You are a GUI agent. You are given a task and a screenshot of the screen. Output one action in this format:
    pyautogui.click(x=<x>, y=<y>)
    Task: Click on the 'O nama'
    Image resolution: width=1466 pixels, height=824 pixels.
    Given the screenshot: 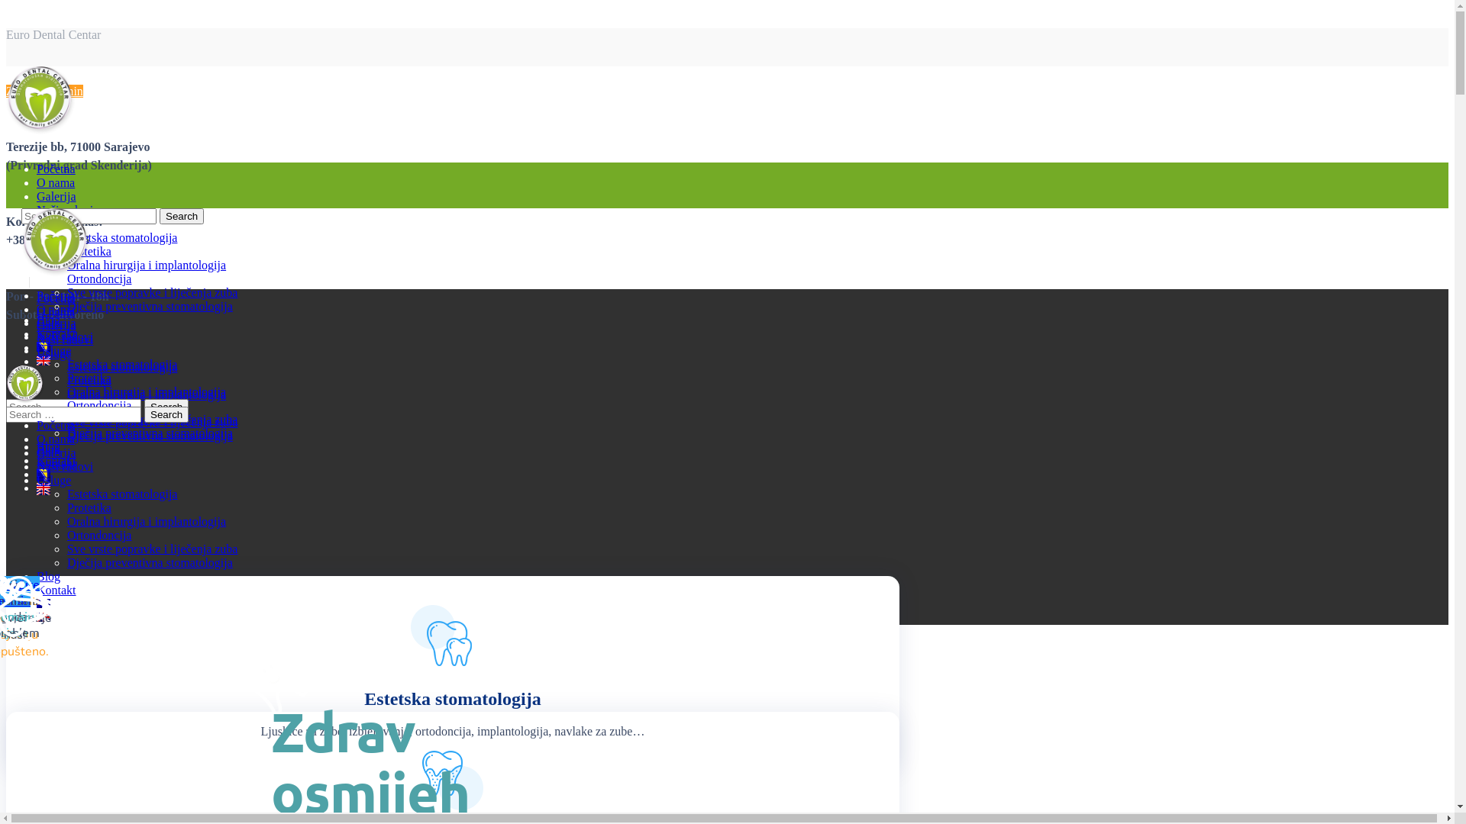 What is the action you would take?
    pyautogui.click(x=55, y=311)
    